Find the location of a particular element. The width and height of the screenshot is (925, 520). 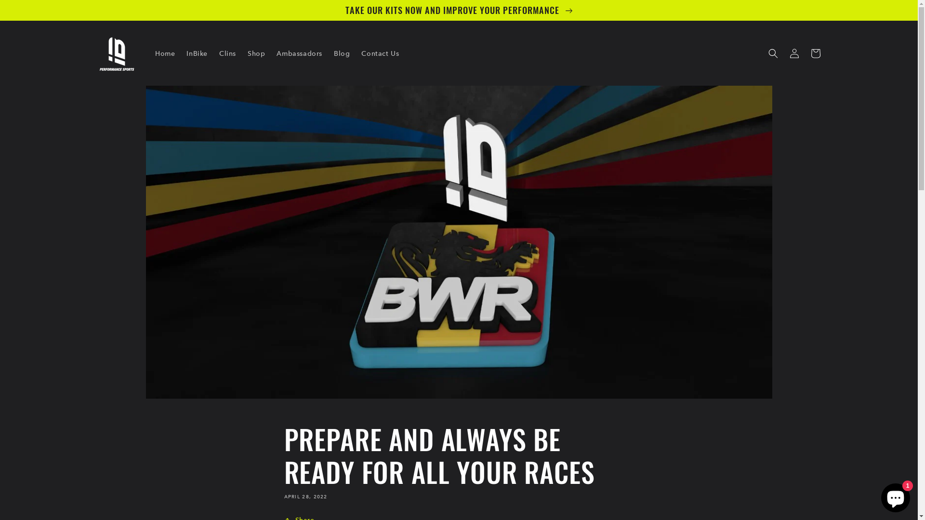

'InBike' is located at coordinates (196, 53).